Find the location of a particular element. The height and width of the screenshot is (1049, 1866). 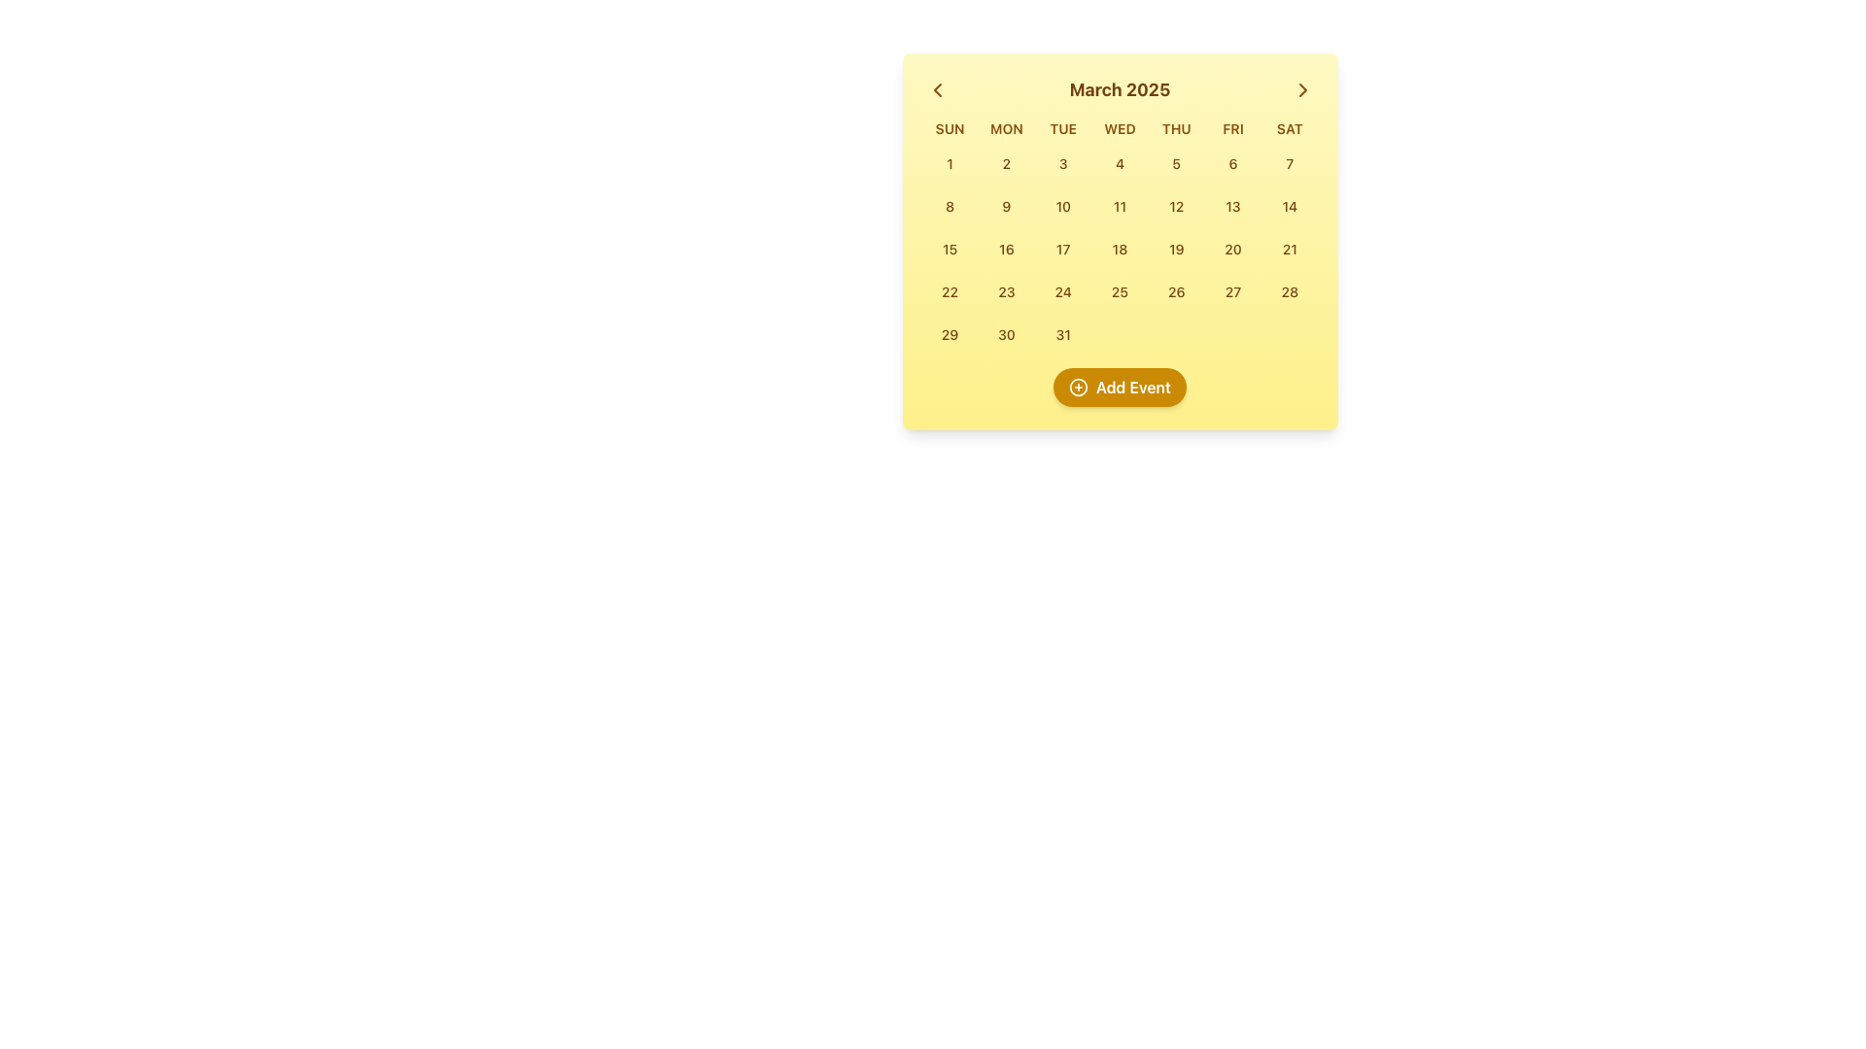

the 'Add Event' button, which is a yellow rounded rectangle featuring a plus icon and white text, located at the bottom center of the calendar interface is located at coordinates (1120, 387).